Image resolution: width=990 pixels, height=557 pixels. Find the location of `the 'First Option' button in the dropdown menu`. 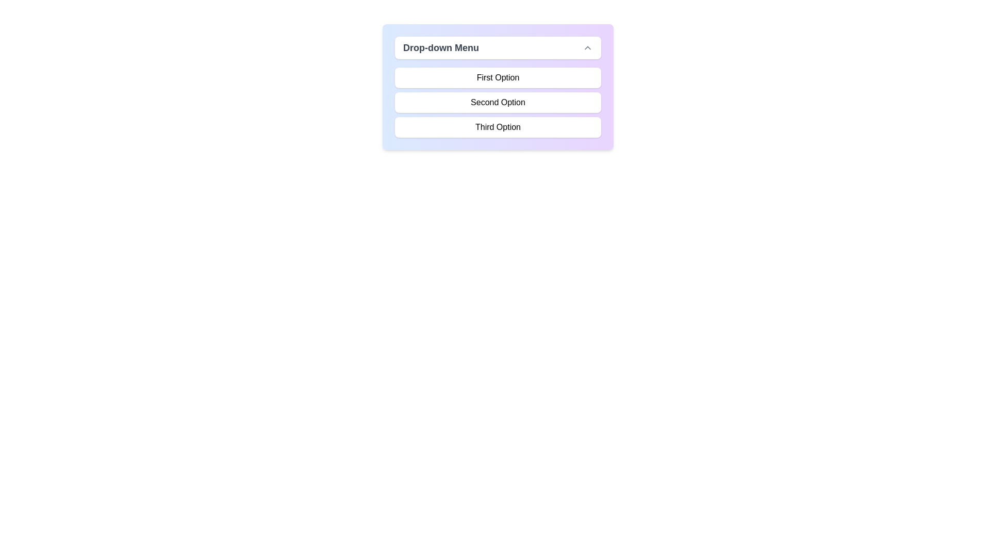

the 'First Option' button in the dropdown menu is located at coordinates (498, 77).